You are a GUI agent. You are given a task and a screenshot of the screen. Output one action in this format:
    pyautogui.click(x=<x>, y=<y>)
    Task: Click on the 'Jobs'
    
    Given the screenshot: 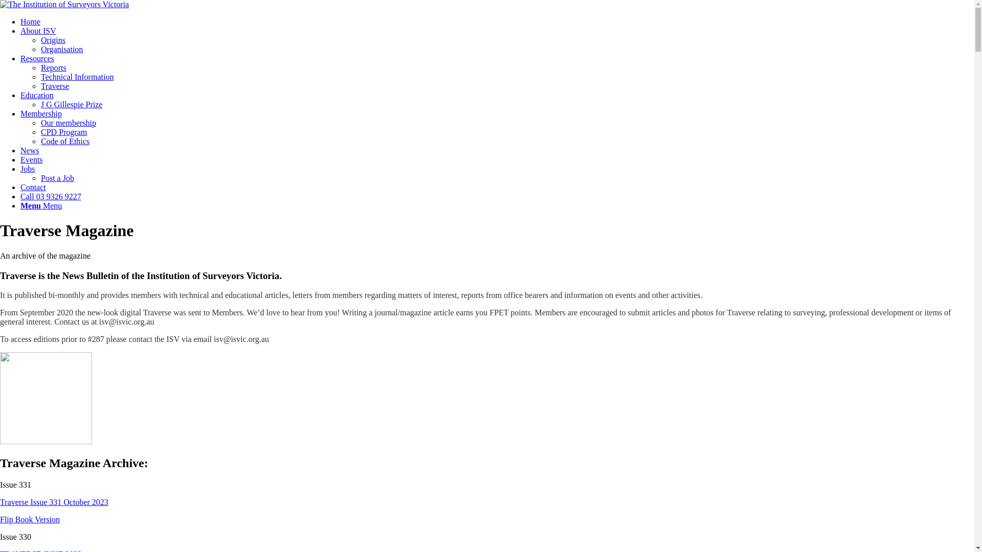 What is the action you would take?
    pyautogui.click(x=20, y=168)
    